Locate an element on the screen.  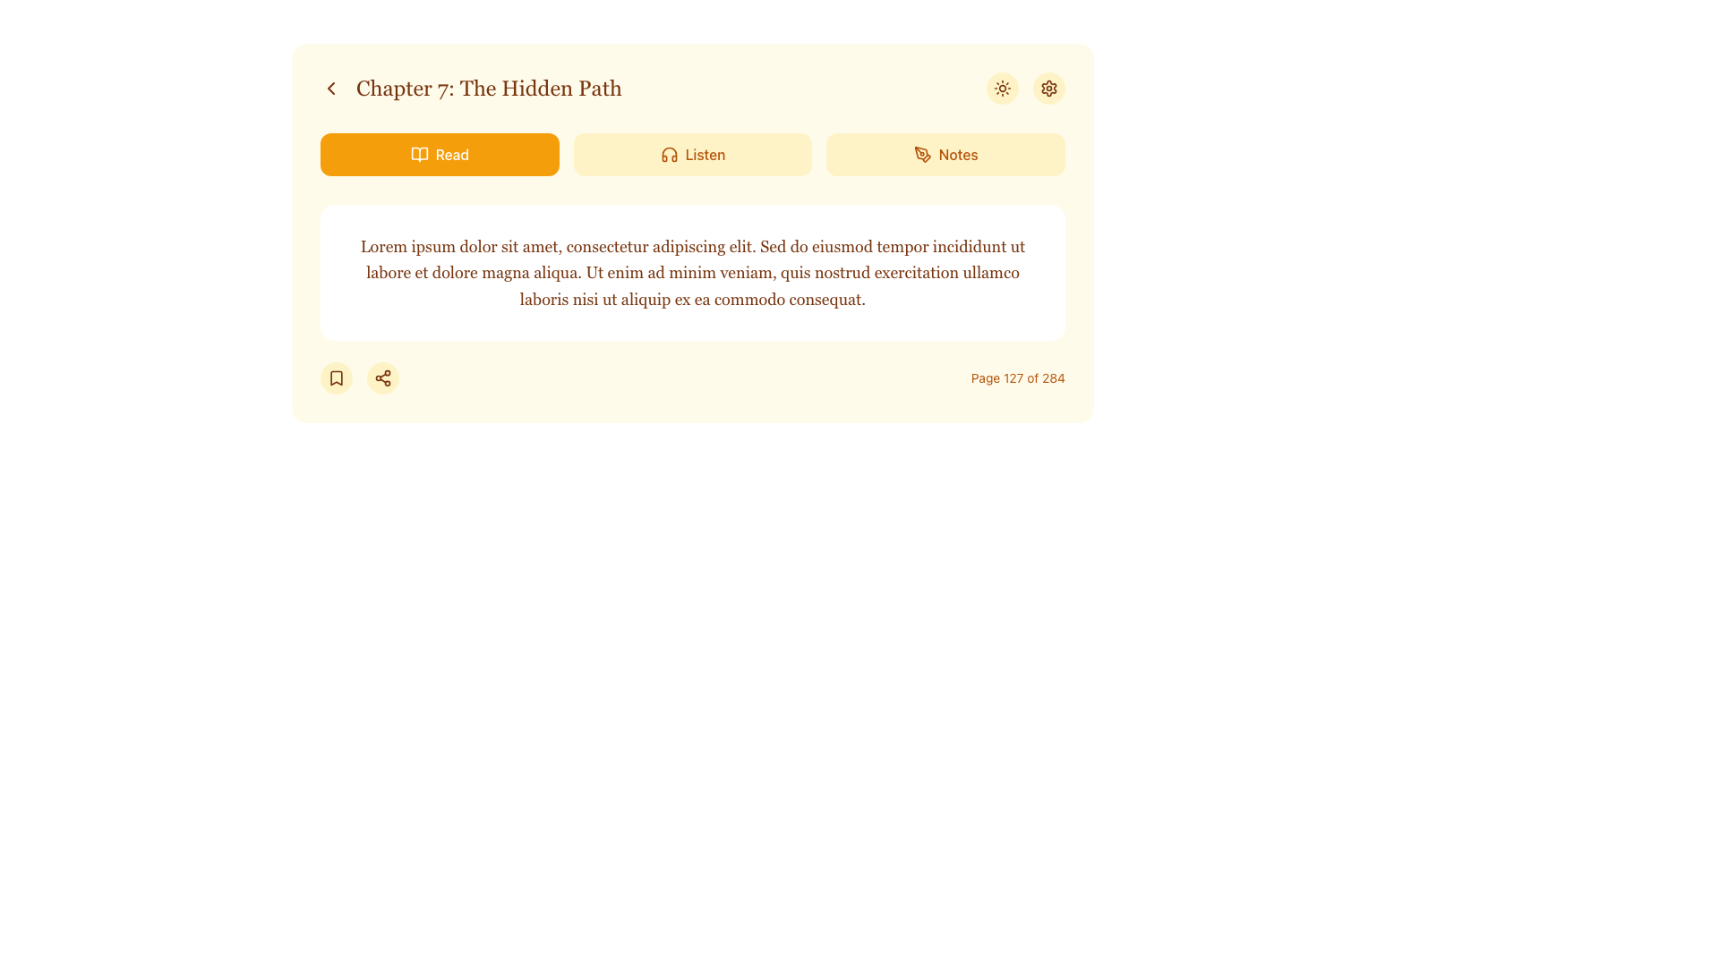
the decorative SVG icon representing the action of reading, located at the lower-left corner of the 'Read' button is located at coordinates (418, 154).